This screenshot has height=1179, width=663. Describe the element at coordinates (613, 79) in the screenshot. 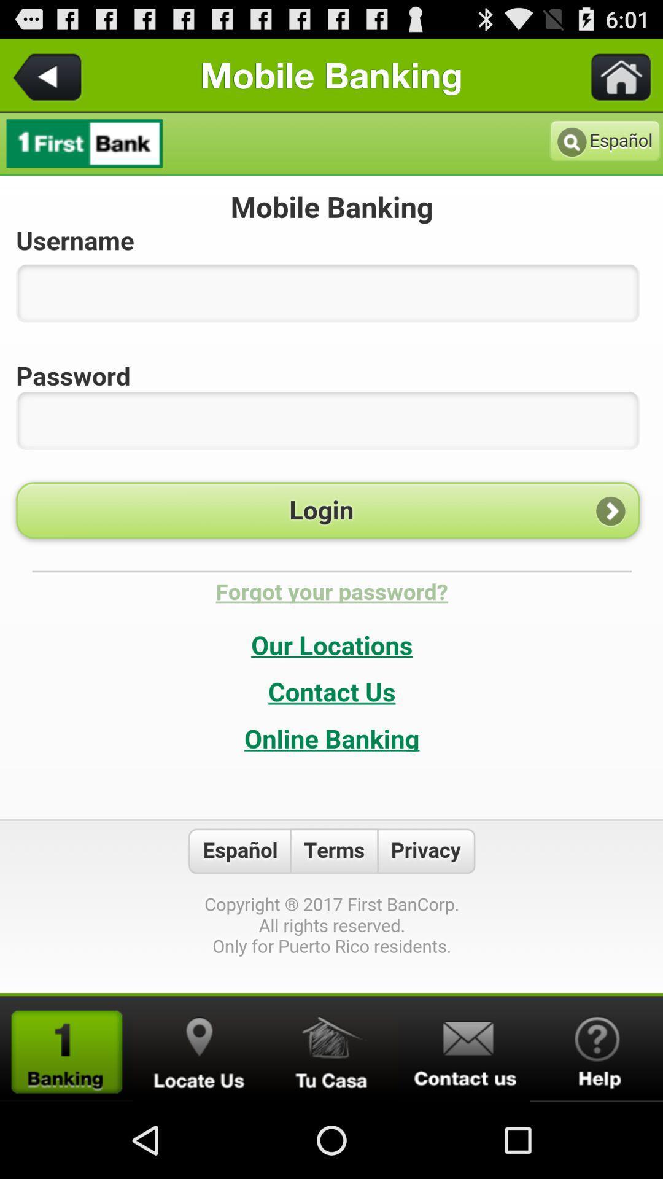

I see `the home icon` at that location.